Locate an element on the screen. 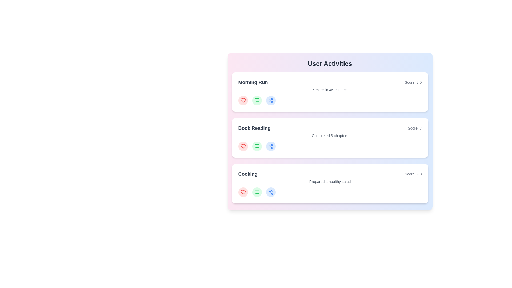  'share' button on the activity card for Morning Run is located at coordinates (271, 101).